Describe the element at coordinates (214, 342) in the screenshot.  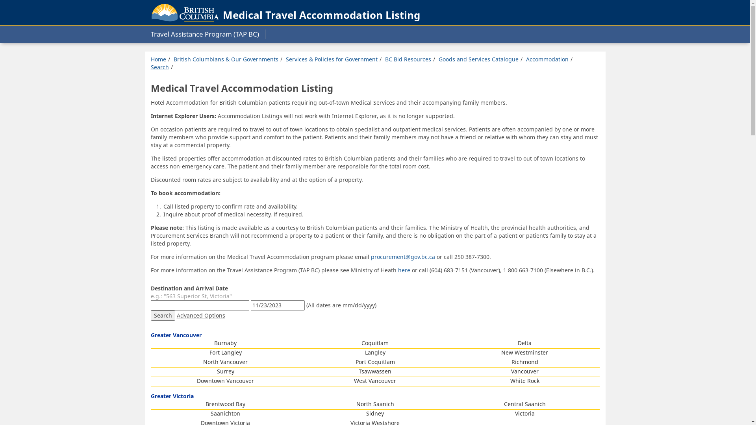
I see `'Burnaby'` at that location.